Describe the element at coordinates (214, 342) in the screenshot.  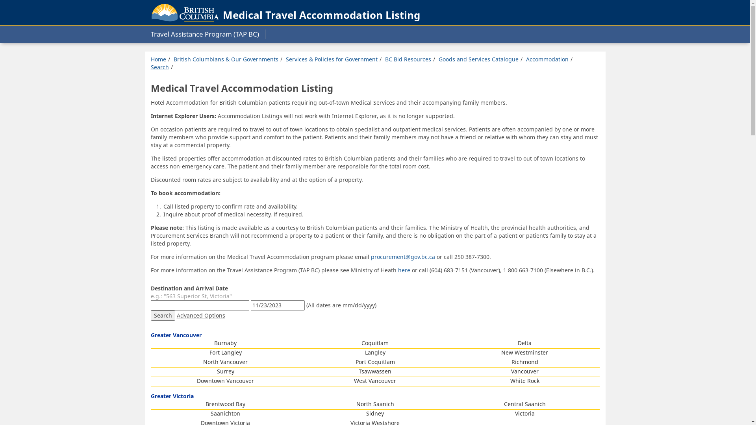
I see `'Burnaby'` at that location.